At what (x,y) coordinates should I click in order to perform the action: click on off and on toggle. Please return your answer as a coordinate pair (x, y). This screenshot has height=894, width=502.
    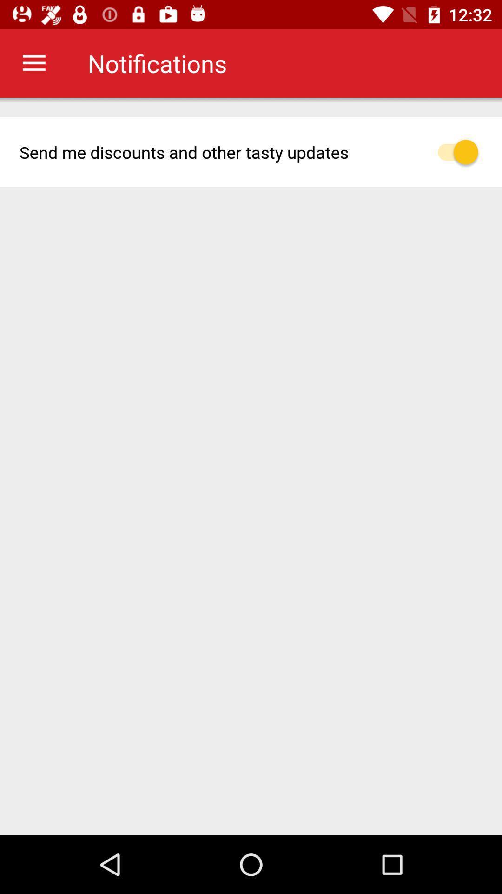
    Looking at the image, I should click on (463, 152).